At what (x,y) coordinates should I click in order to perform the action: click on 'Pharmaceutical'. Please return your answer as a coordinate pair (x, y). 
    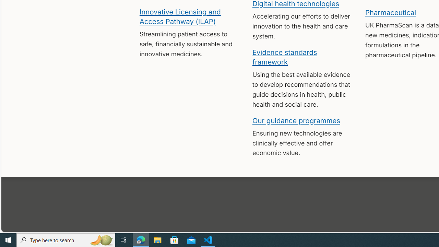
    Looking at the image, I should click on (391, 12).